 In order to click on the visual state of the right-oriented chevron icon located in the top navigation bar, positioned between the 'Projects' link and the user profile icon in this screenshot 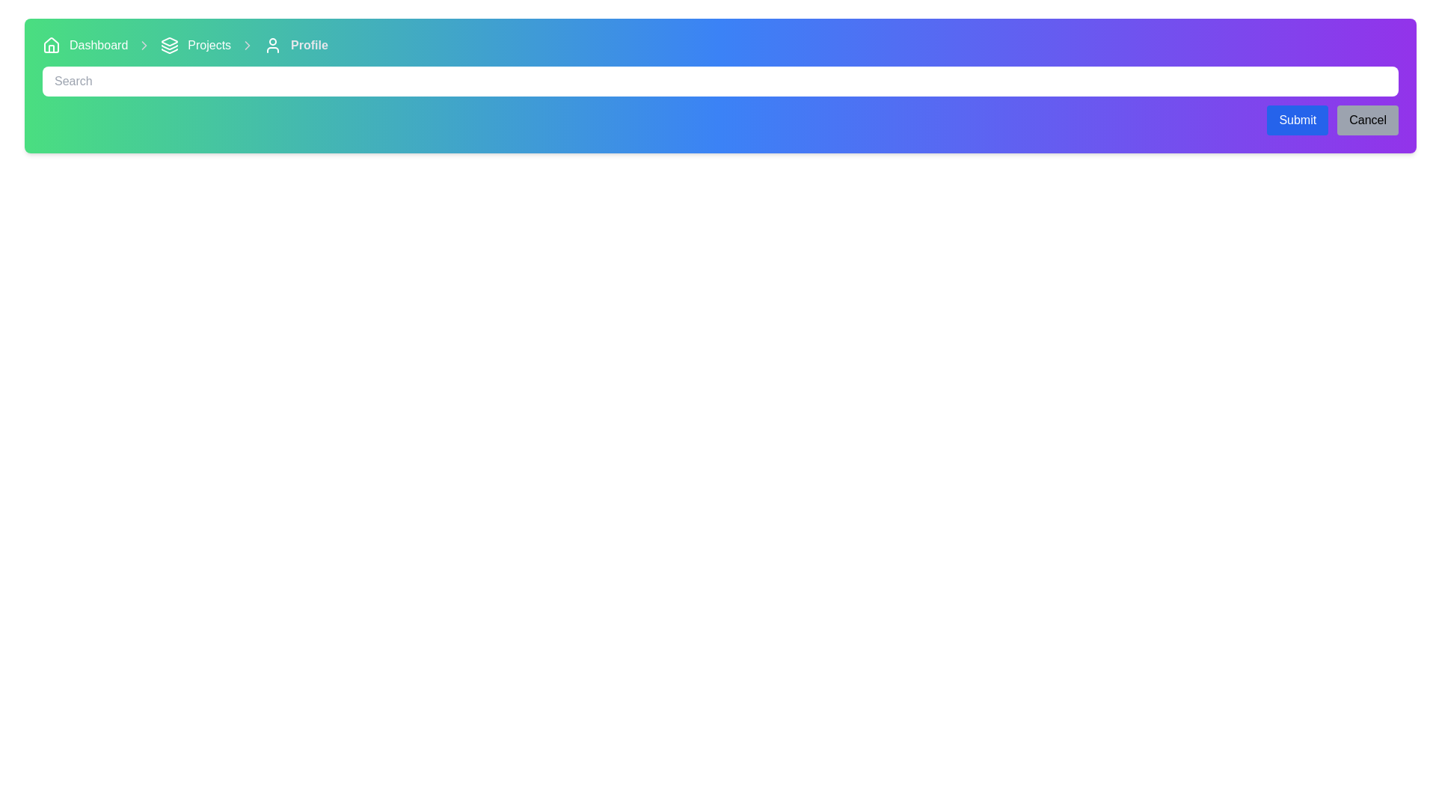, I will do `click(248, 45)`.